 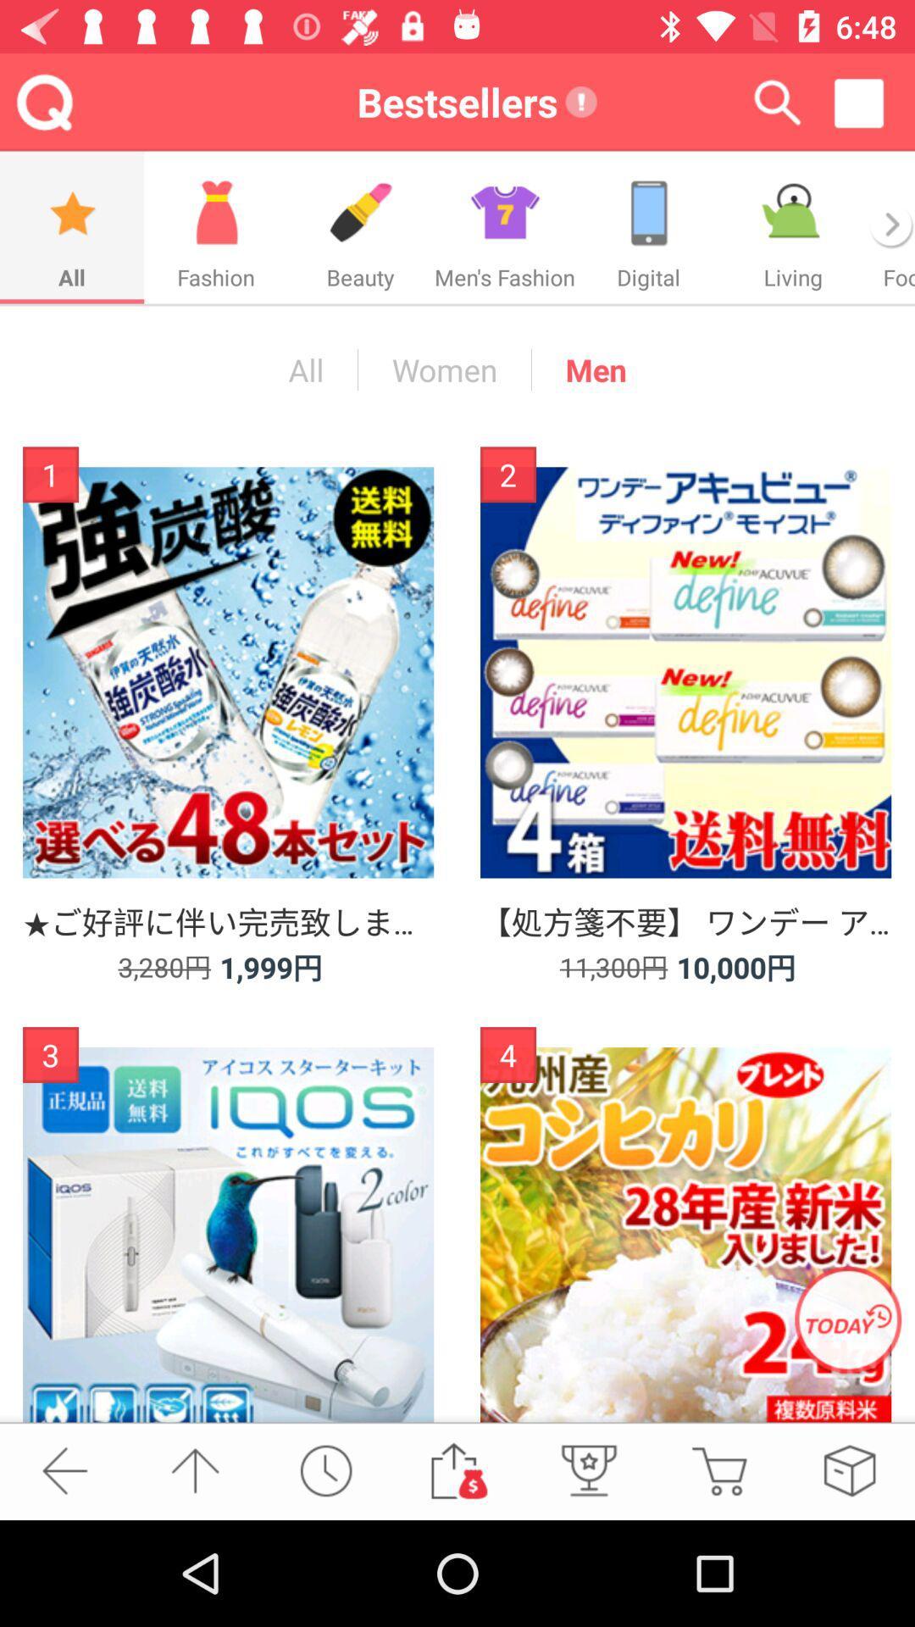 What do you see at coordinates (849, 1469) in the screenshot?
I see `the favorite icon` at bounding box center [849, 1469].